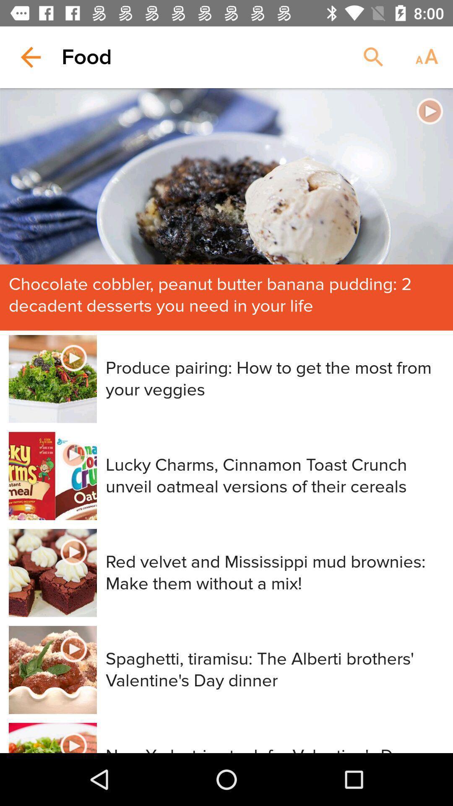  Describe the element at coordinates (53, 737) in the screenshot. I see `the last video at bottom left corner` at that location.